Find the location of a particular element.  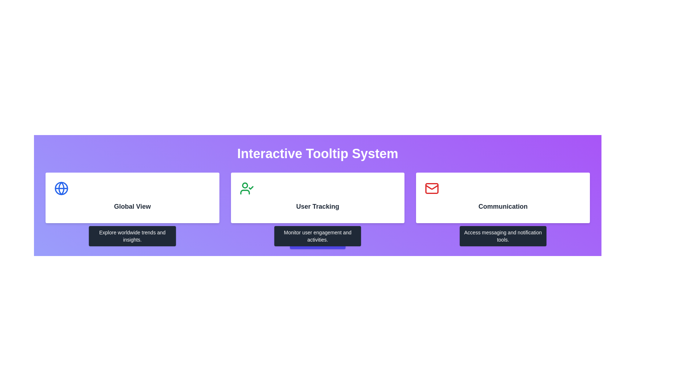

the 'Communication' card located at the right end of the row is located at coordinates (502, 198).